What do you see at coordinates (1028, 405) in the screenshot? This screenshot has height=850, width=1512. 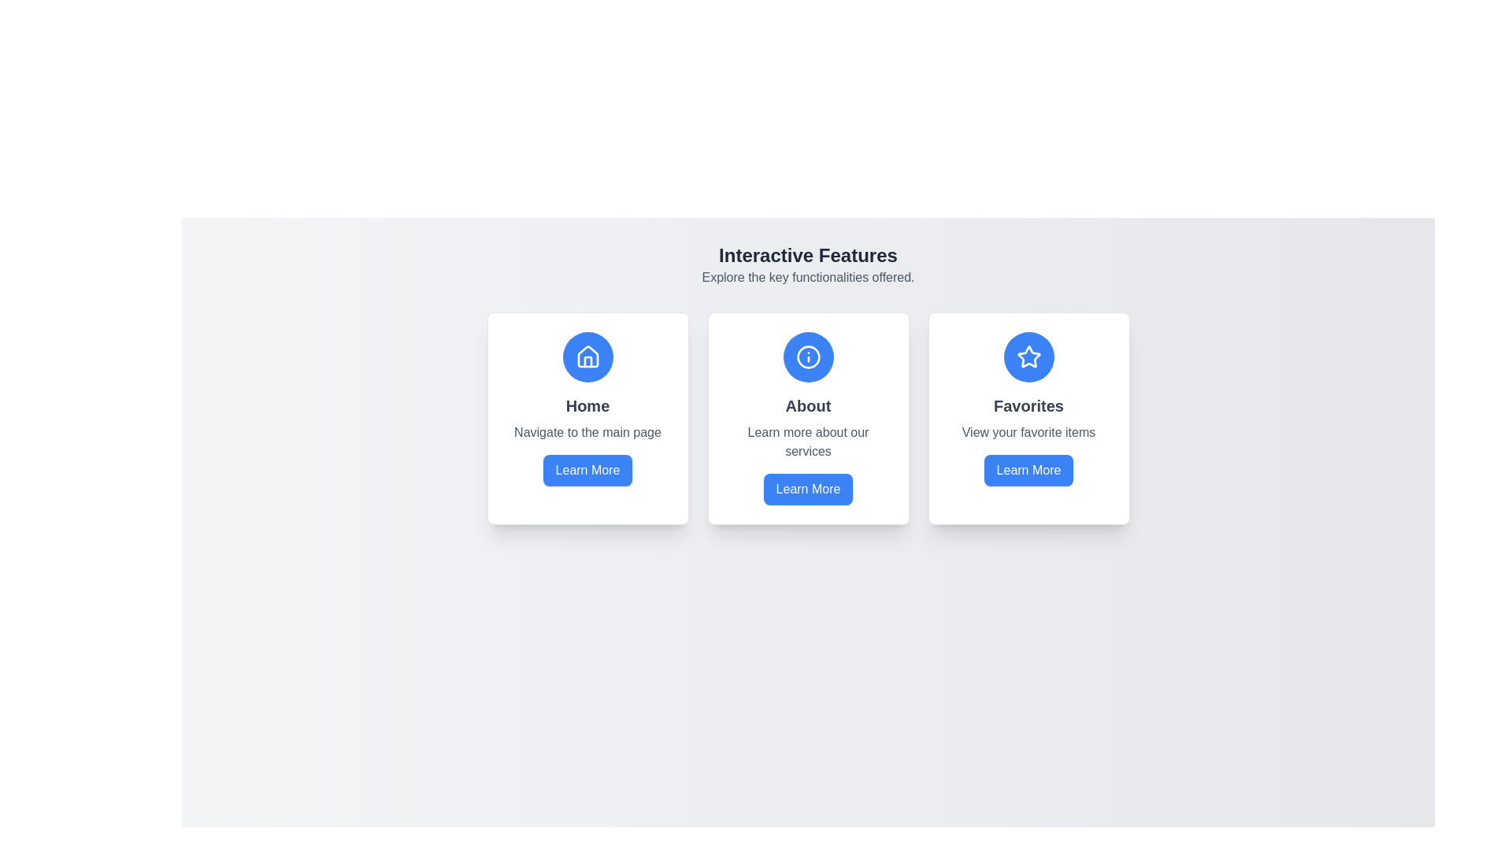 I see `text label displaying 'Favorites' in bold gray font, positioned within the white rectangular card below the blue circular star icon` at bounding box center [1028, 405].